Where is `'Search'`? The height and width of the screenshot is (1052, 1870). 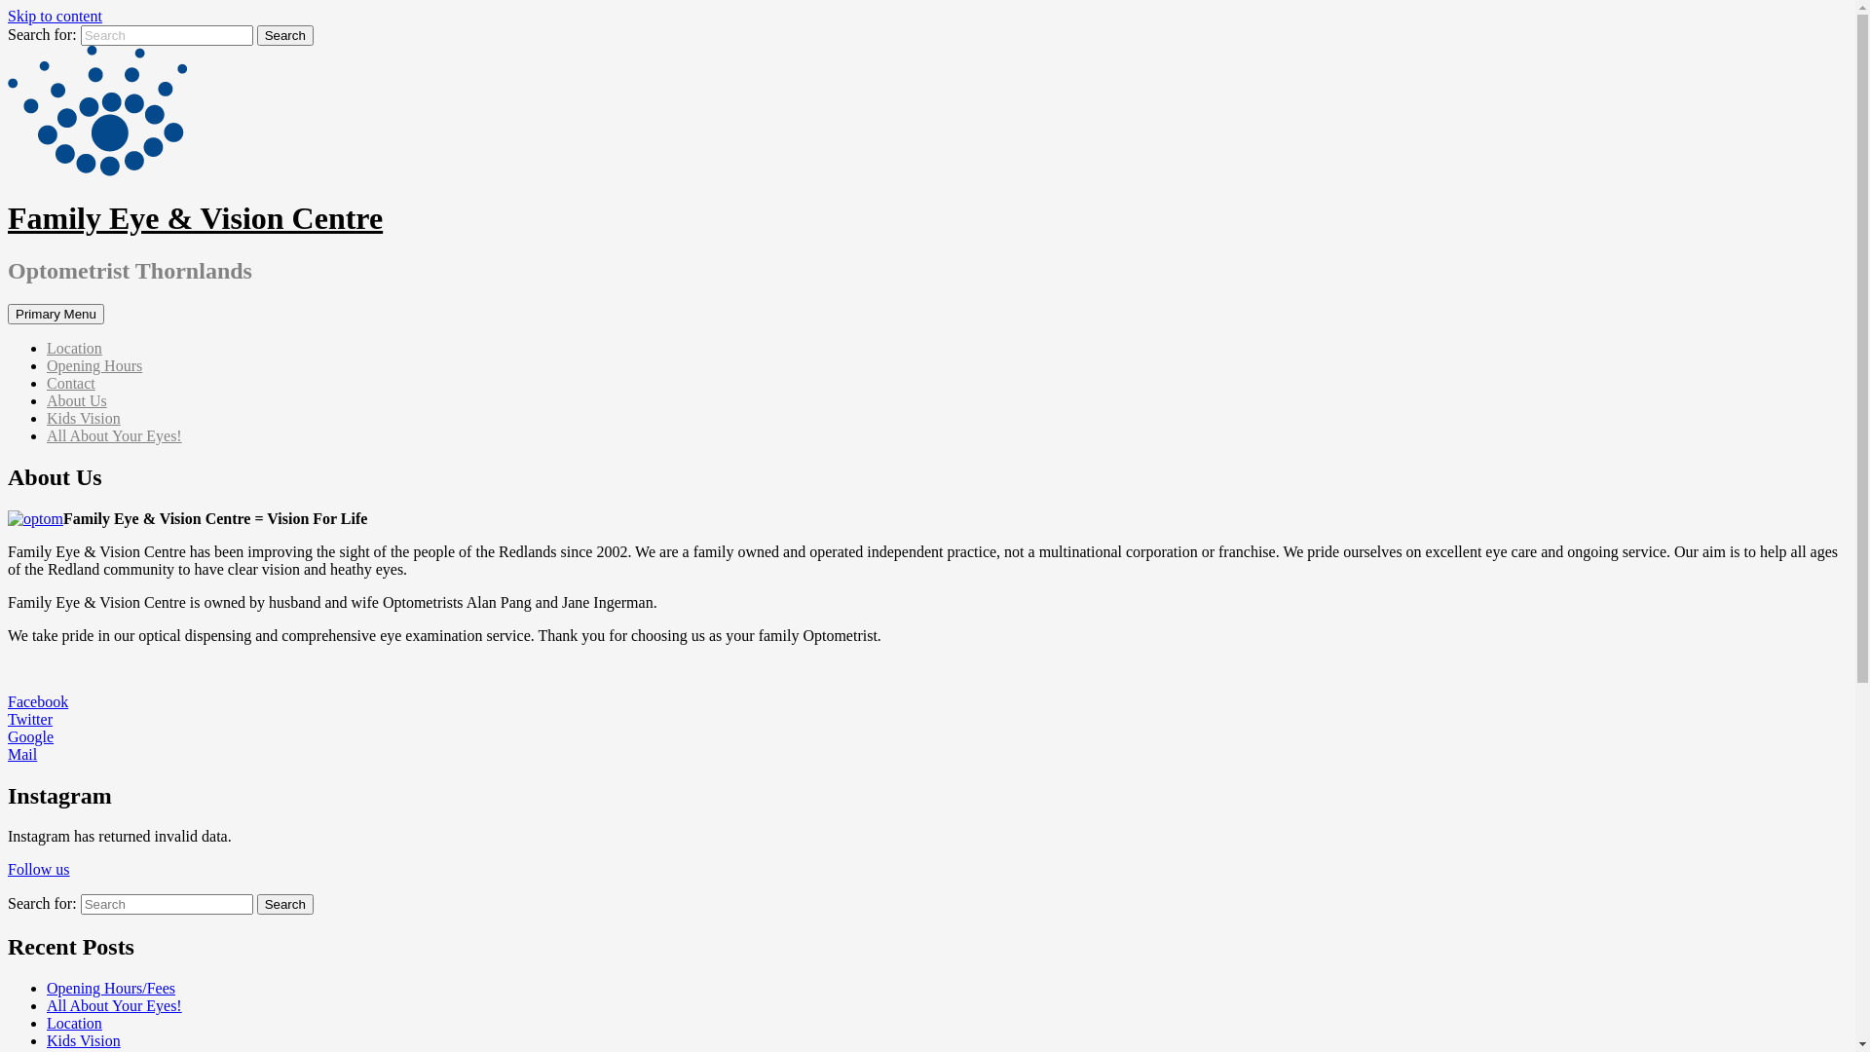 'Search' is located at coordinates (283, 35).